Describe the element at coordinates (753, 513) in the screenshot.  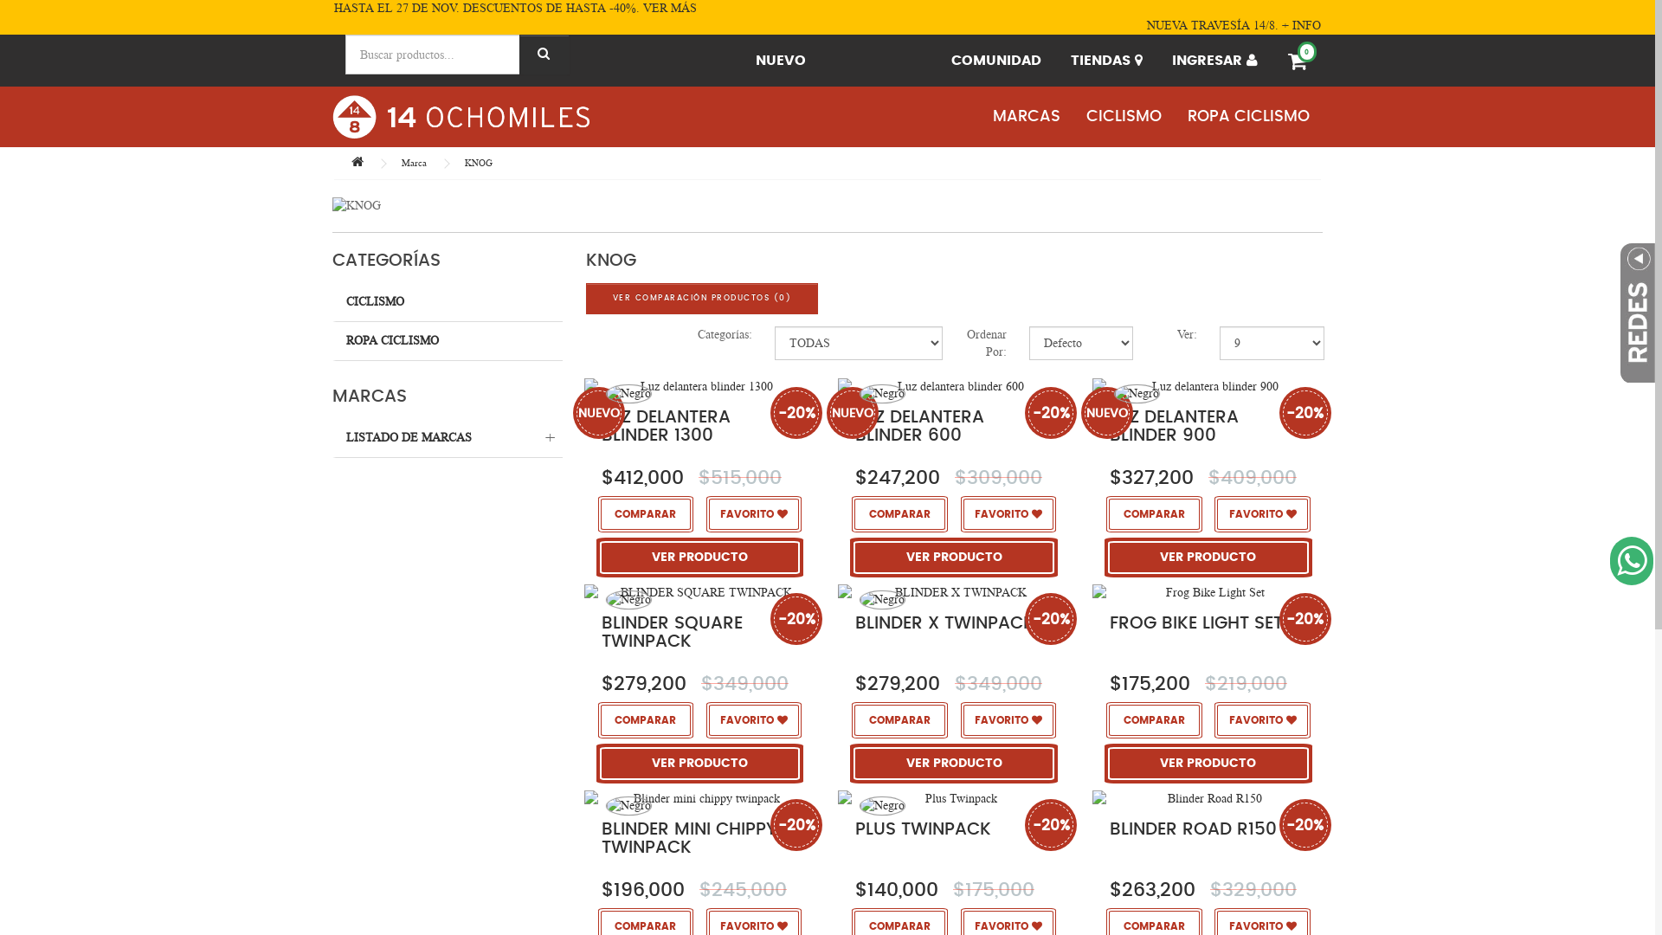
I see `'FAVORITO'` at that location.